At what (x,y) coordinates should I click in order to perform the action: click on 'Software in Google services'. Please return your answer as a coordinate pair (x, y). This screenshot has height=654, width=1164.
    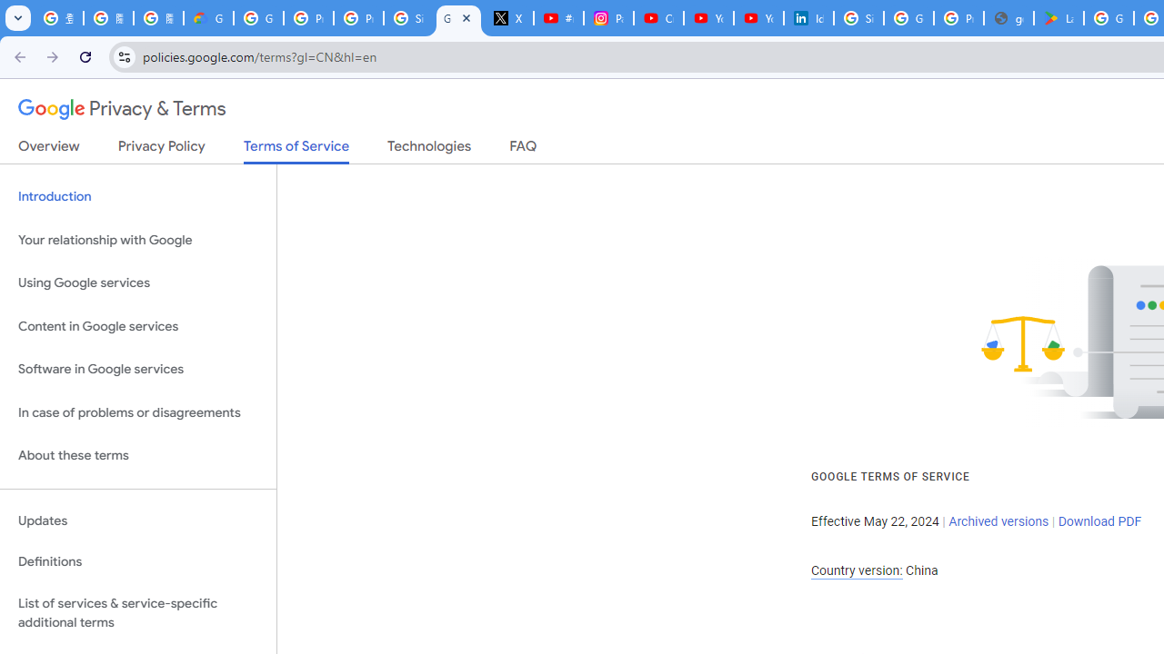
    Looking at the image, I should click on (137, 369).